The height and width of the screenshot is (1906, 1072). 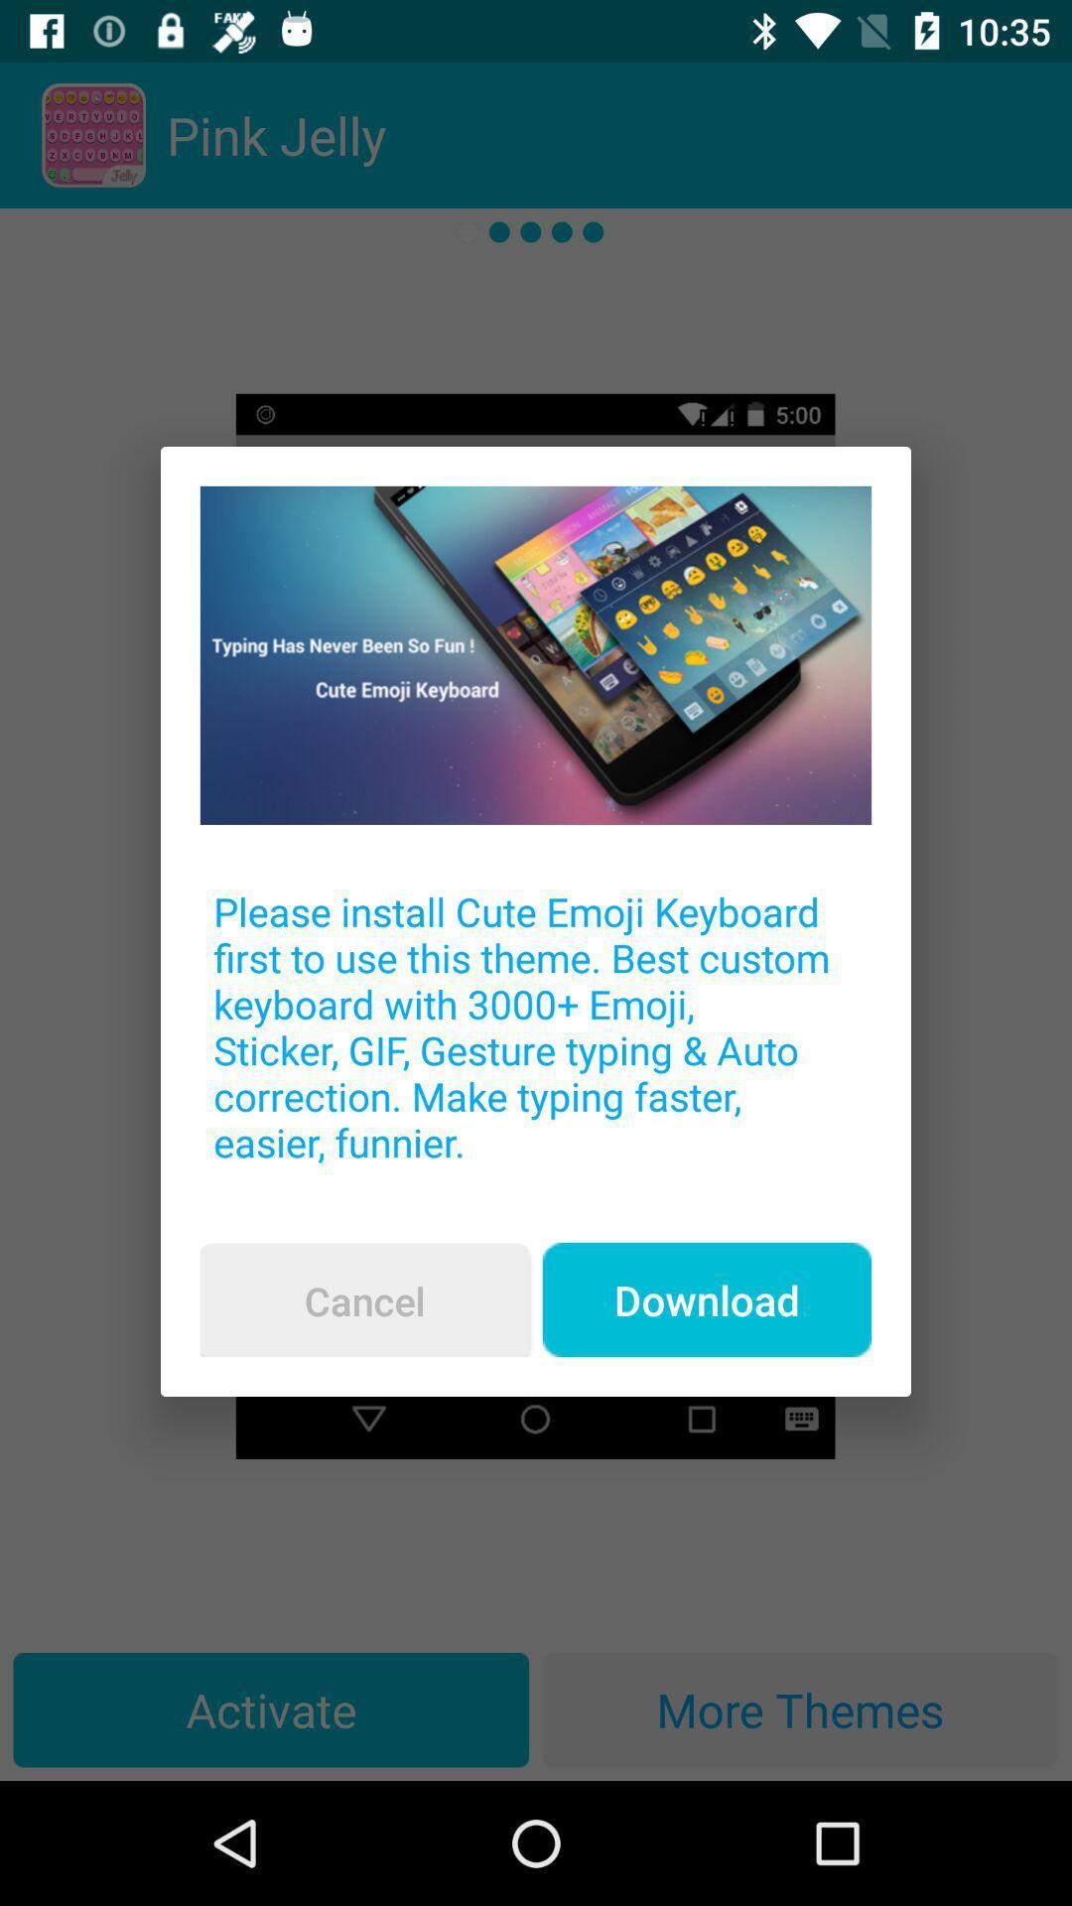 I want to click on download item, so click(x=706, y=1299).